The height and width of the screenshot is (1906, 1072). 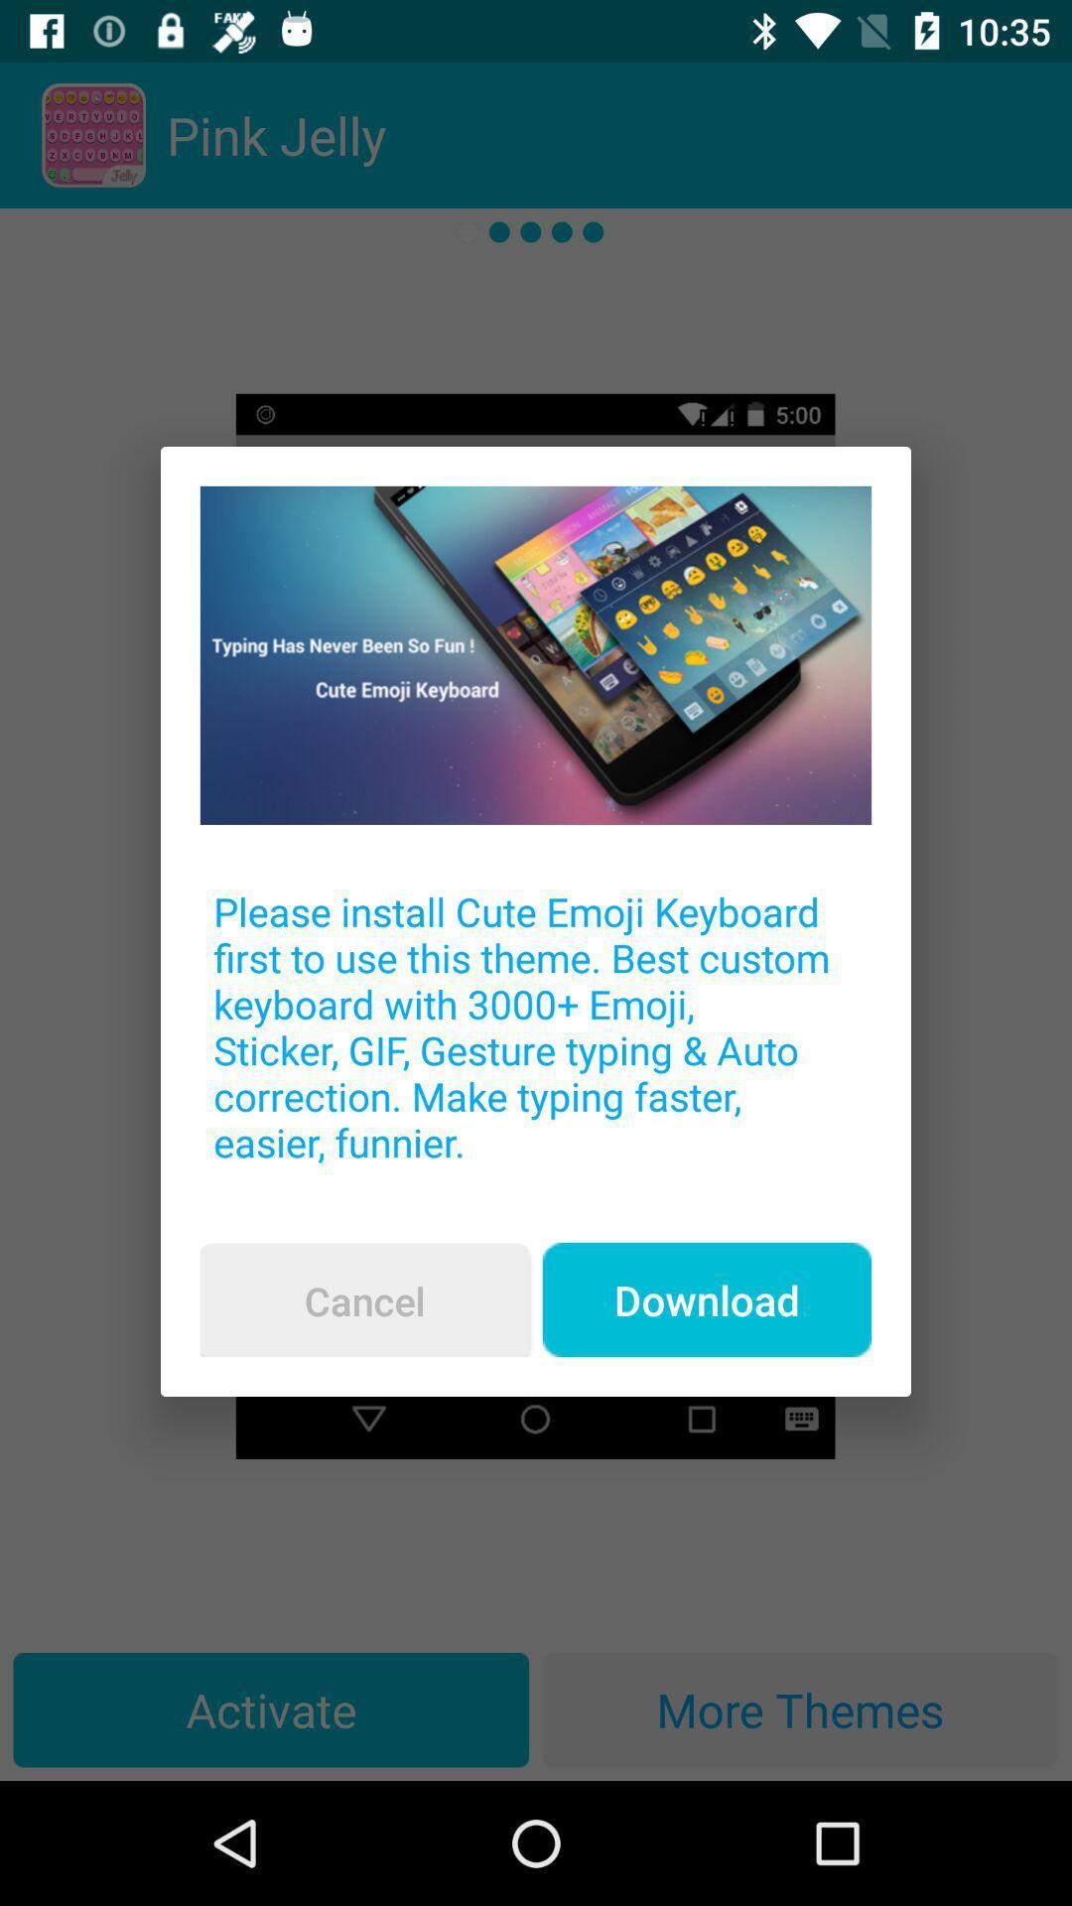 I want to click on download item, so click(x=706, y=1299).